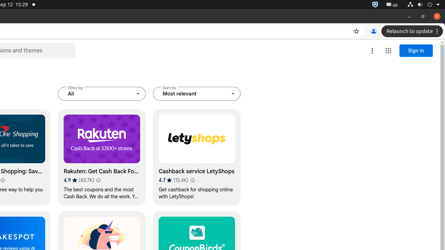  I want to click on 'Learn more about results and reviews "Rakuten: Get Cash Back For Shopping"', so click(97, 180).